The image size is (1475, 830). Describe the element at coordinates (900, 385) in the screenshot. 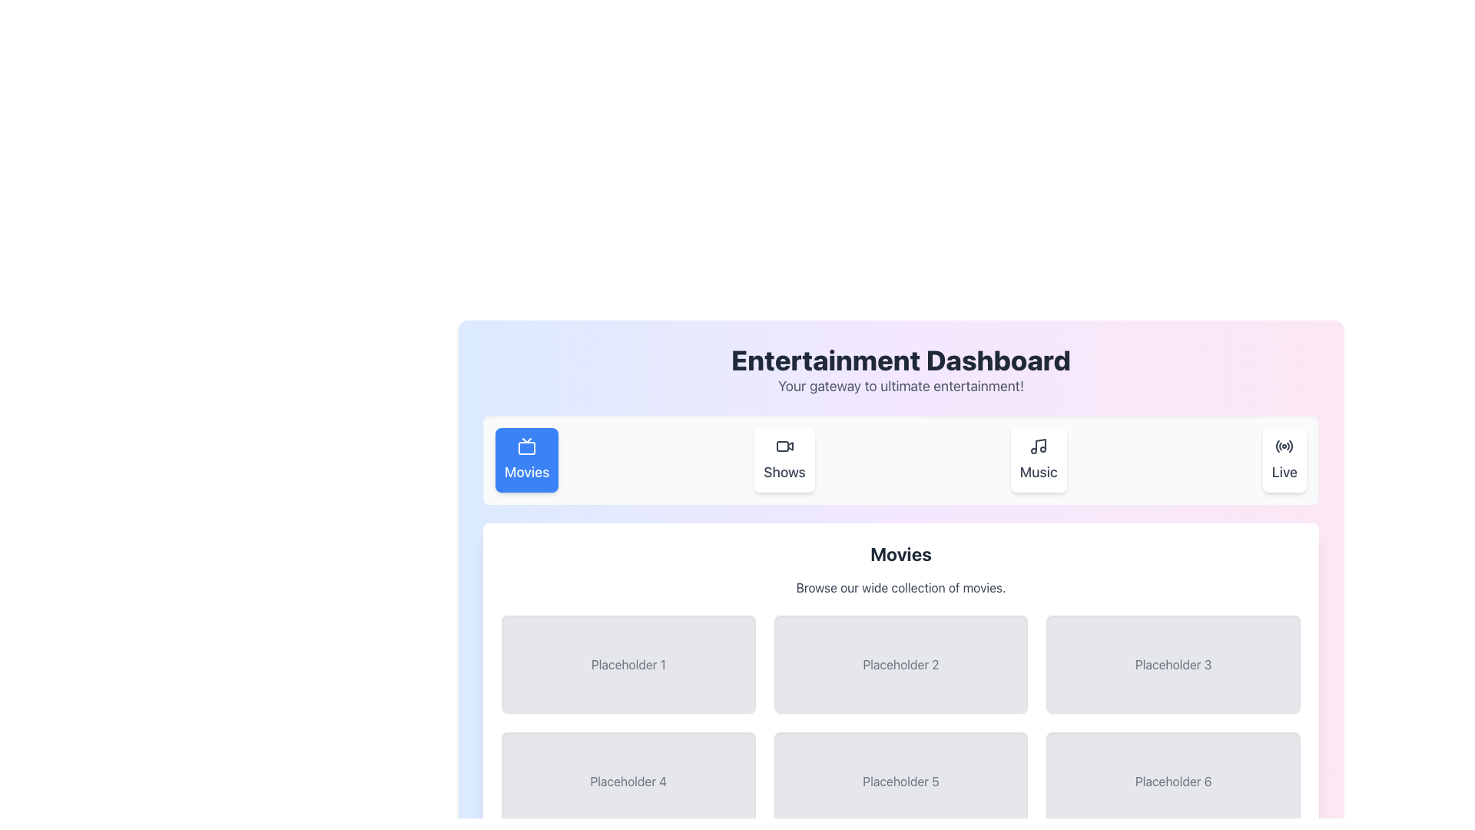

I see `the static text element that provides descriptive information for the 'Entertainment Dashboard' title, located directly below it and horizontally centered` at that location.